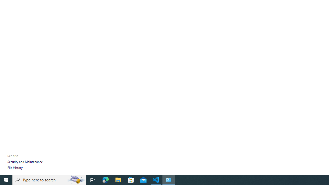 The image size is (329, 185). Describe the element at coordinates (105, 179) in the screenshot. I see `'Microsoft Edge'` at that location.